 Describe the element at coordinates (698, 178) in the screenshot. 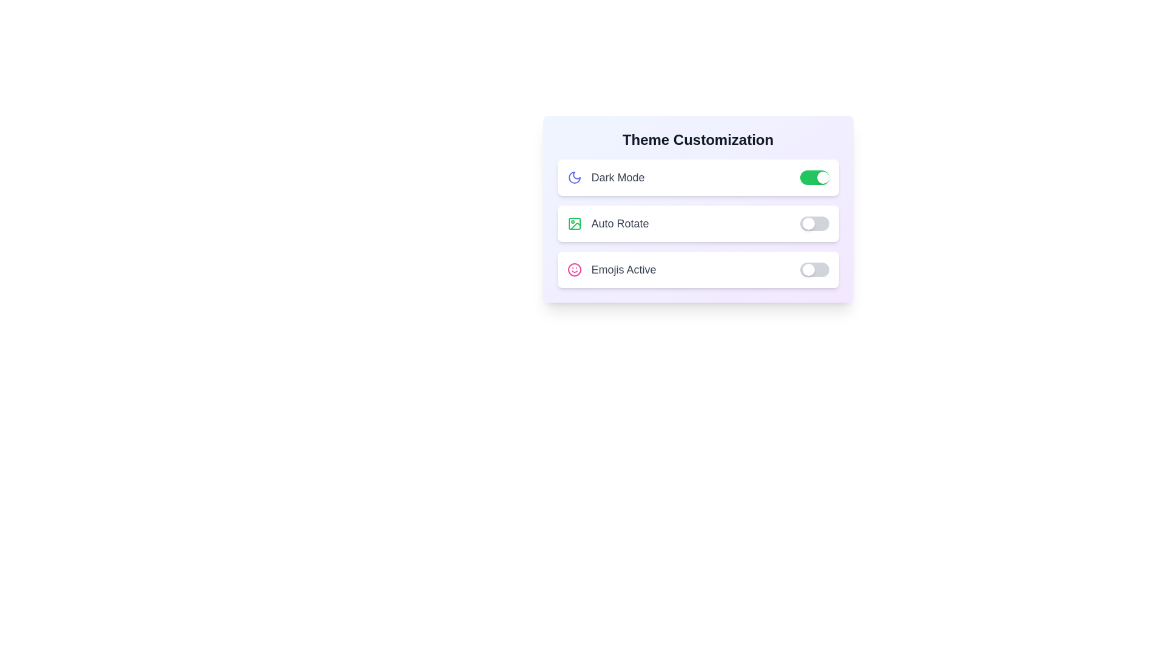

I see `the 'Dark Mode' toggle switch, which is indicated by a green toggle on the right side of the card in the Theme Customization section` at that location.